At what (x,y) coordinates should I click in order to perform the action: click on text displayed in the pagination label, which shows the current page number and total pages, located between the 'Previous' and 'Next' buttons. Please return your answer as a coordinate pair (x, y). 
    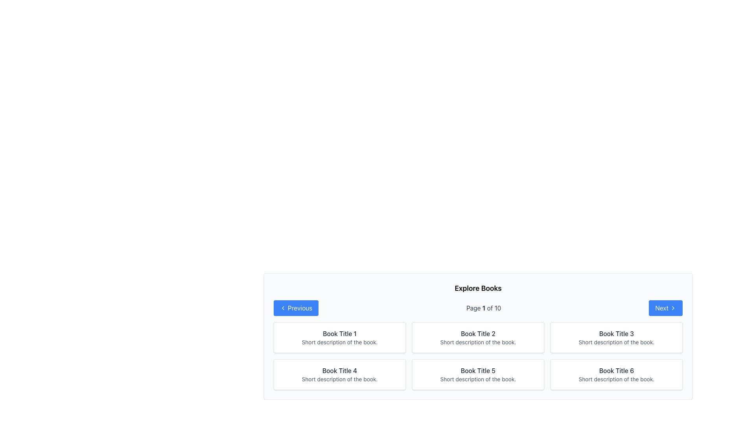
    Looking at the image, I should click on (483, 308).